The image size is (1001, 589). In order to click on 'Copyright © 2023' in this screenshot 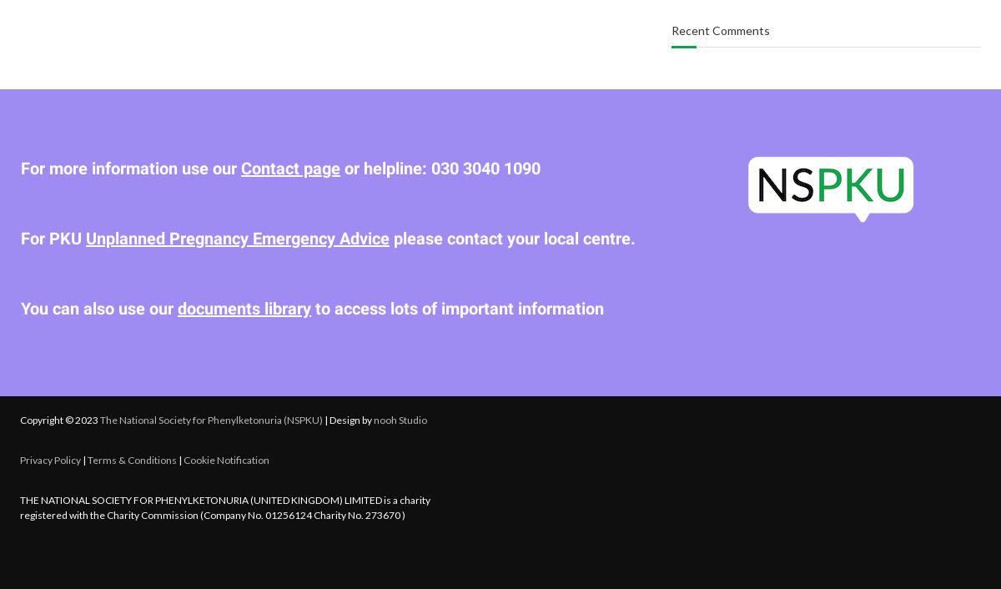, I will do `click(60, 418)`.